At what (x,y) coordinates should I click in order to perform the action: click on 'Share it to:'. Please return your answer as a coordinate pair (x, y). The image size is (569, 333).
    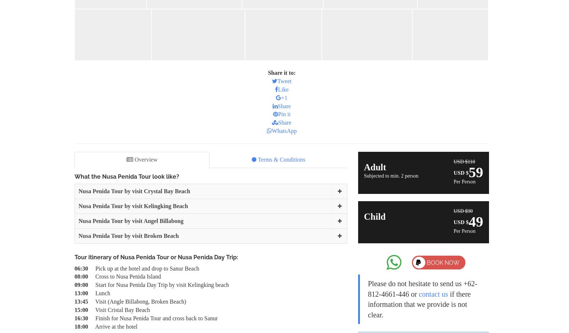
    Looking at the image, I should click on (281, 72).